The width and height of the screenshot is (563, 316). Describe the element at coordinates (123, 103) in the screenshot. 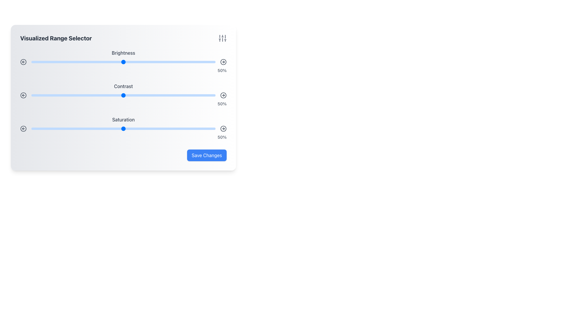

I see `the value displayed in the Text Display showing '50%' aligned to the right at the end of the 'Contrast' range slider` at that location.